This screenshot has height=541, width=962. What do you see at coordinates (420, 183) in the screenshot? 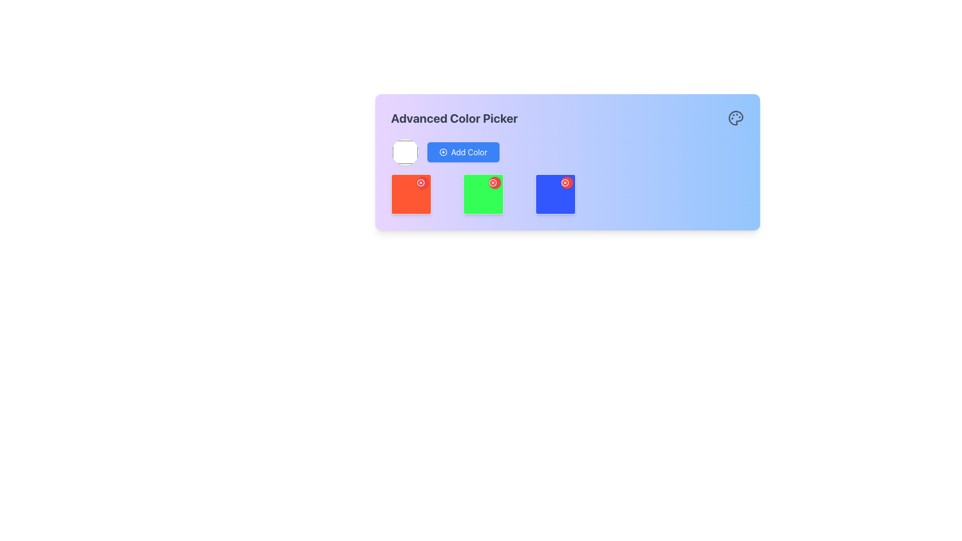
I see `the 'delete' button located at the top-right of the red rectangular block to potentially display a tooltip` at bounding box center [420, 183].